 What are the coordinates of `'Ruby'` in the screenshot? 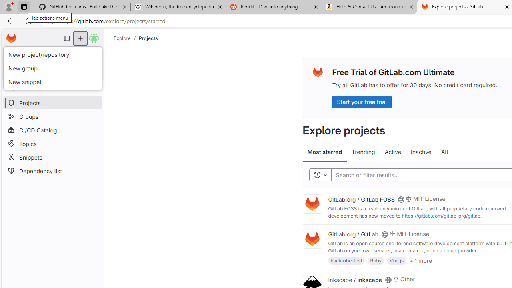 It's located at (376, 260).